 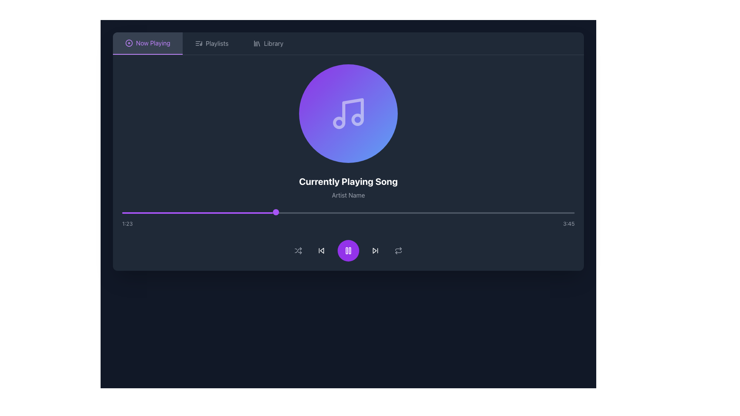 I want to click on the text label displaying the total duration of the media being played, located in the bottom-right corner of the window, right of the progress bar, so click(x=569, y=224).